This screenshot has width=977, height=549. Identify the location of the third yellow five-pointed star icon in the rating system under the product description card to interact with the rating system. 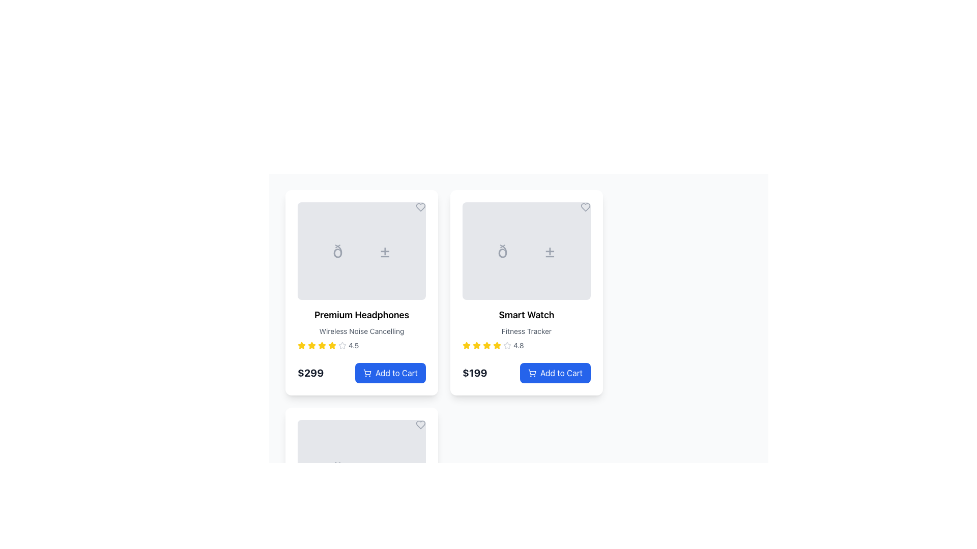
(332, 345).